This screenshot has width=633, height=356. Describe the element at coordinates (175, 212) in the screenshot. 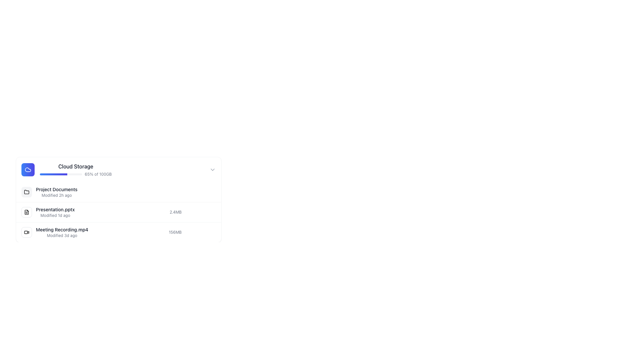

I see `the Text Label displaying '2.4MB', which is styled in gray and located to the right of the file name 'Presentation.pptx' in a file manager interface` at that location.